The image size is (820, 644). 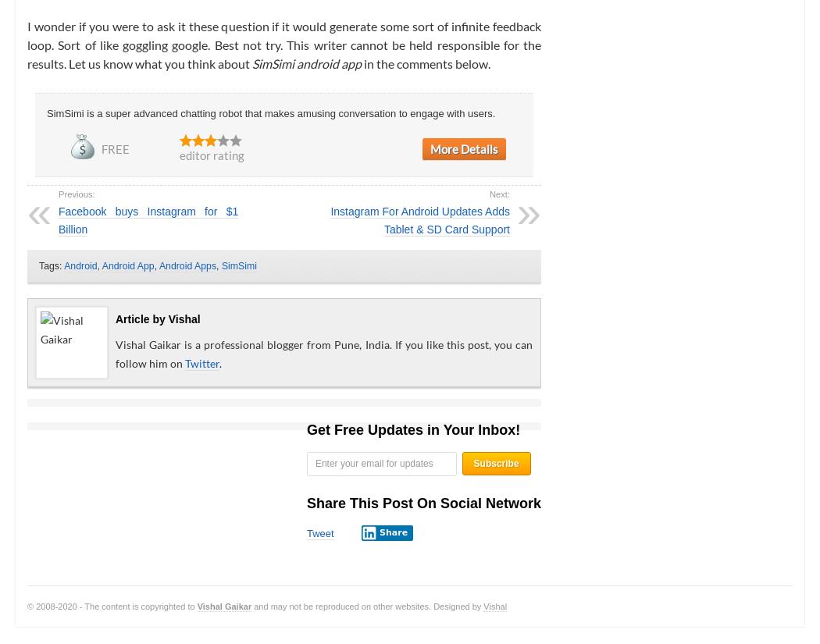 I want to click on 'Android App', so click(x=127, y=264).